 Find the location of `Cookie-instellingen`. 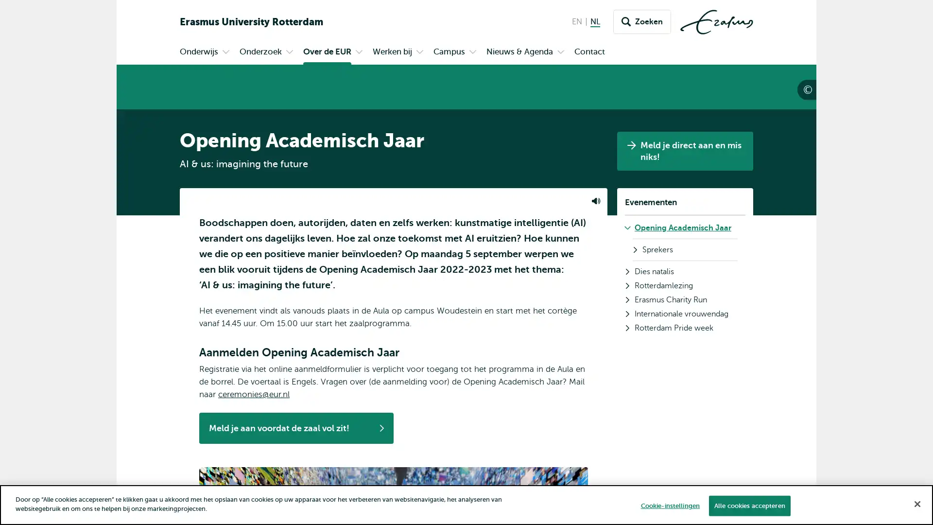

Cookie-instellingen is located at coordinates (669, 505).